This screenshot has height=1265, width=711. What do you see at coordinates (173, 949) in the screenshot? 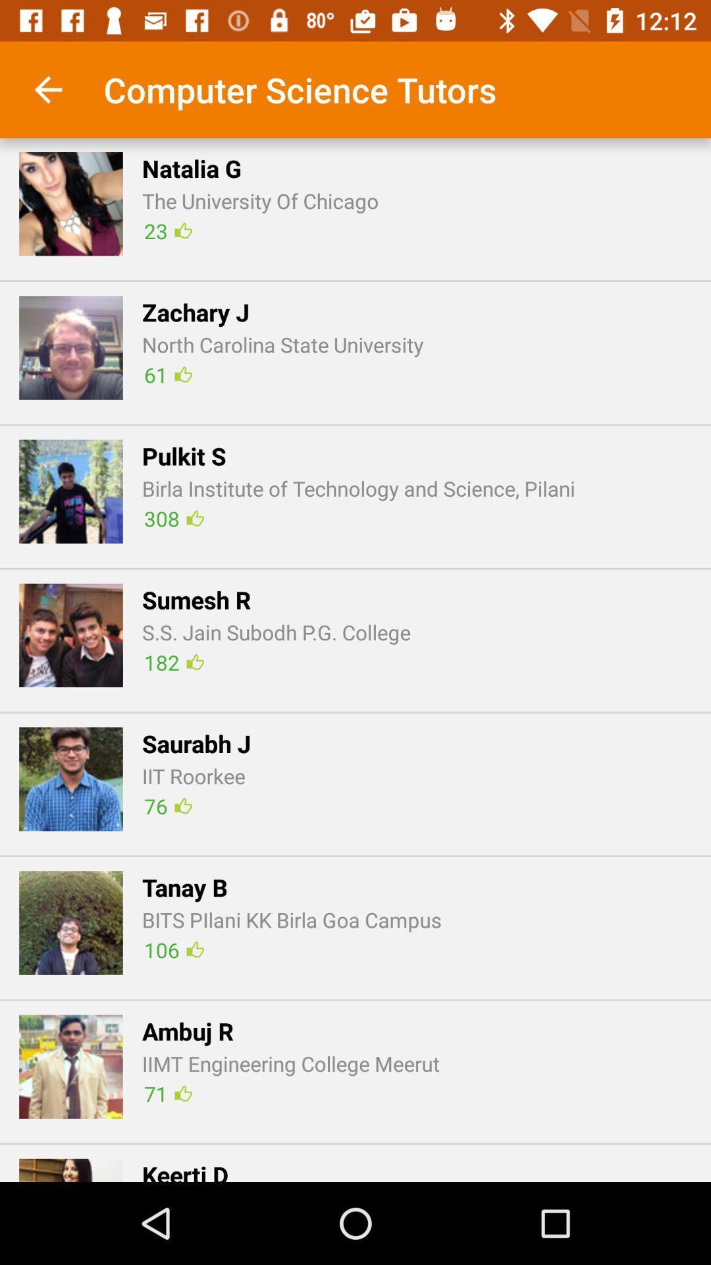
I see `the 106` at bounding box center [173, 949].